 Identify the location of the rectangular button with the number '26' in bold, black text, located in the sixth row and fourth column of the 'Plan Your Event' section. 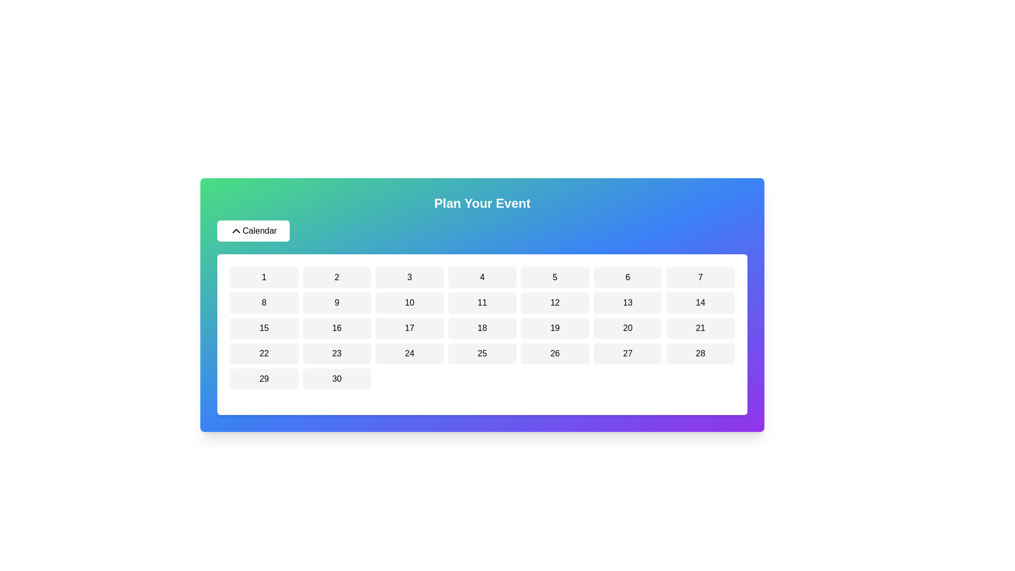
(555, 353).